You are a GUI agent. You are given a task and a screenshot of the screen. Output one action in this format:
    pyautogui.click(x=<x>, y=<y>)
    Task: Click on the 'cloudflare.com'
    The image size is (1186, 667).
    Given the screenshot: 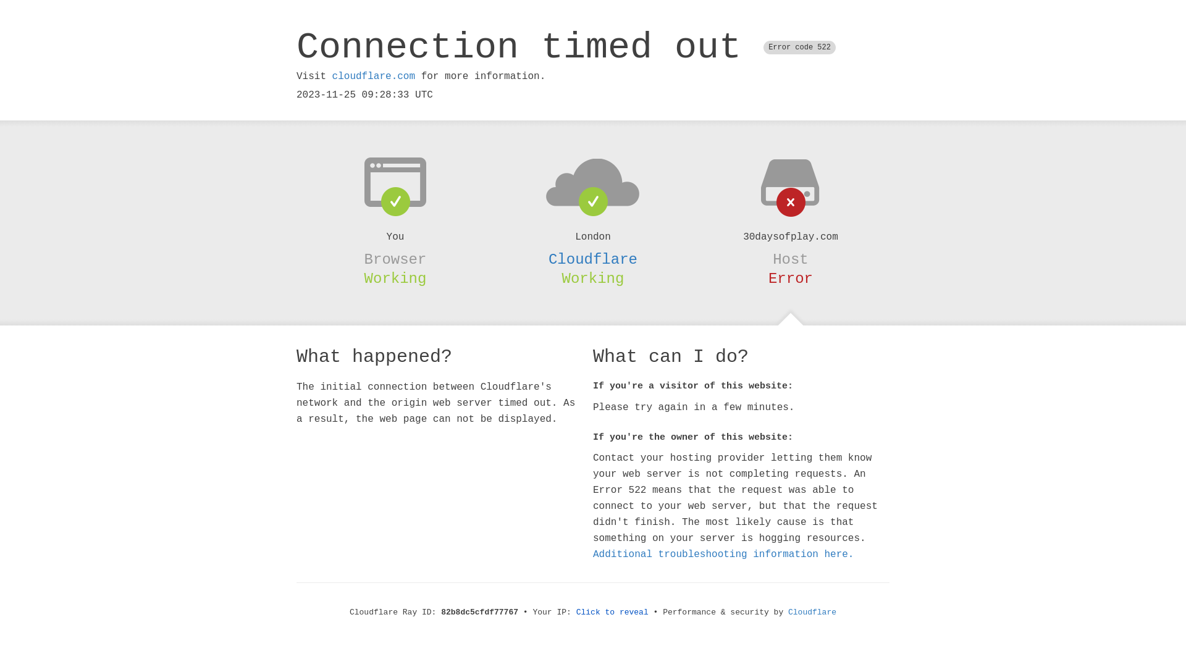 What is the action you would take?
    pyautogui.click(x=372, y=76)
    